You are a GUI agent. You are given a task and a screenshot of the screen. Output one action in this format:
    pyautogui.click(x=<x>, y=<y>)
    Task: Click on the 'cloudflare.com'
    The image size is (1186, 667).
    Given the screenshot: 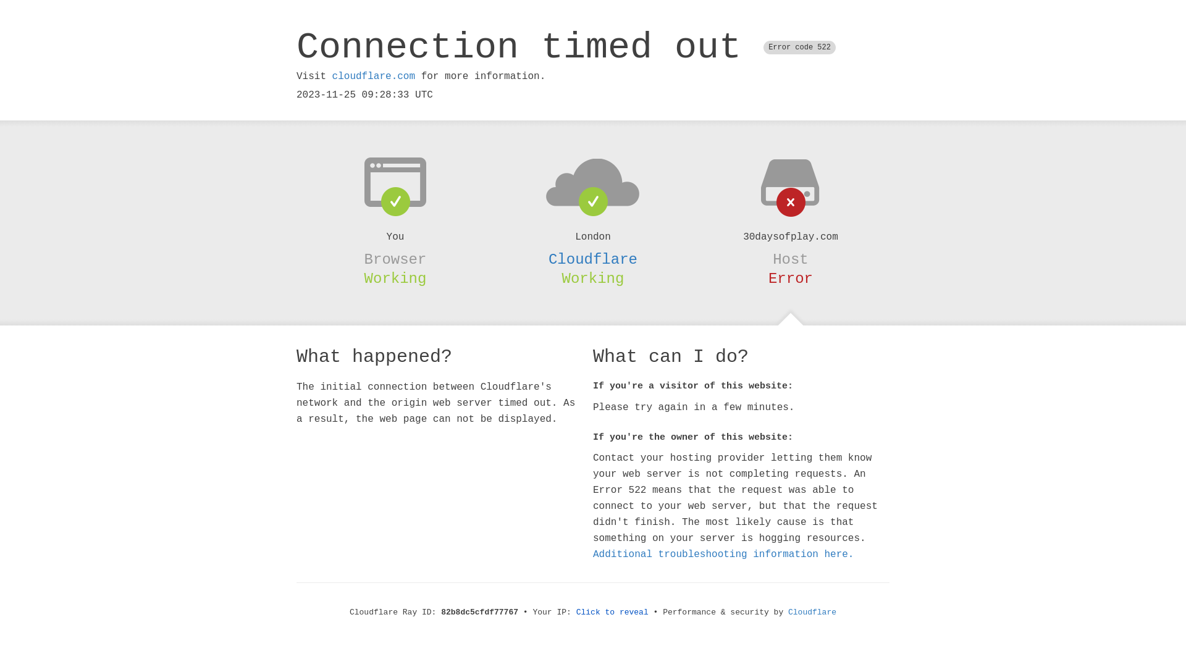 What is the action you would take?
    pyautogui.click(x=372, y=76)
    